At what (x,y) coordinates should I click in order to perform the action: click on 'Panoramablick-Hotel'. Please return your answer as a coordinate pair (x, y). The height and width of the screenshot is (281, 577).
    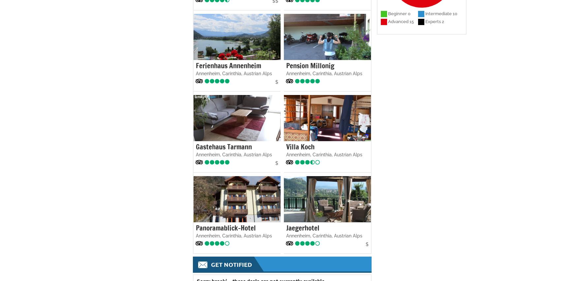
    Looking at the image, I should click on (225, 228).